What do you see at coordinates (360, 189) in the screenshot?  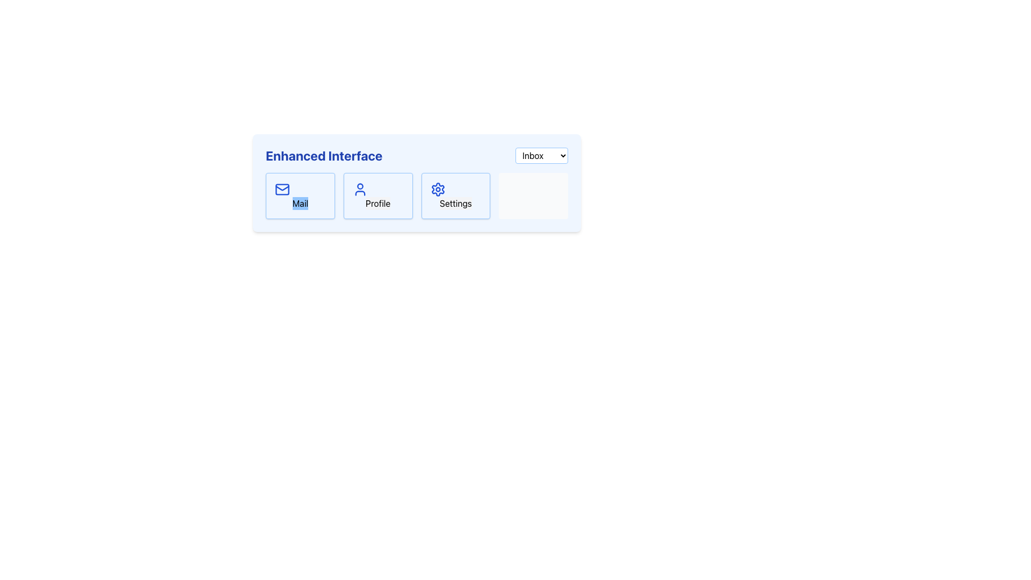 I see `the user profile icon located within the 'Profile' button, which is the second button from the left in the interface layout` at bounding box center [360, 189].